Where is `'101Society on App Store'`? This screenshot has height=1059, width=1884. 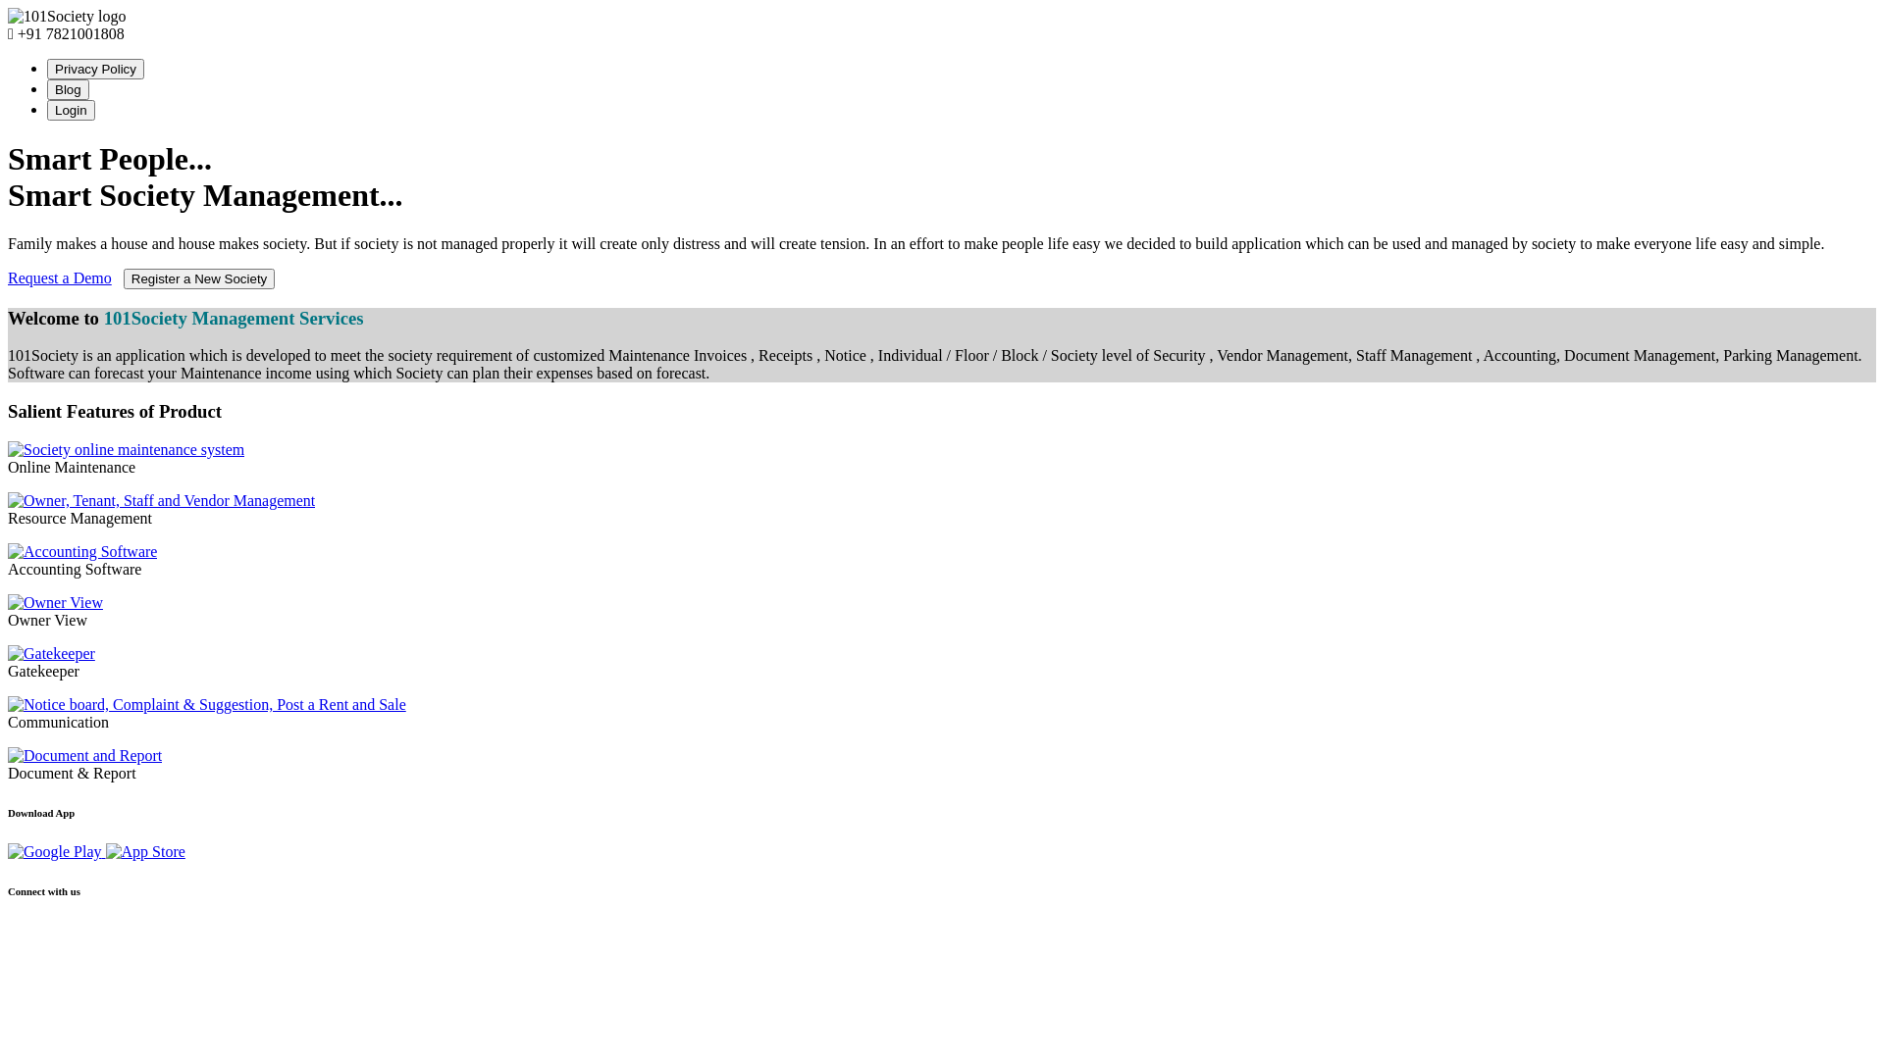
'101Society on App Store' is located at coordinates (144, 850).